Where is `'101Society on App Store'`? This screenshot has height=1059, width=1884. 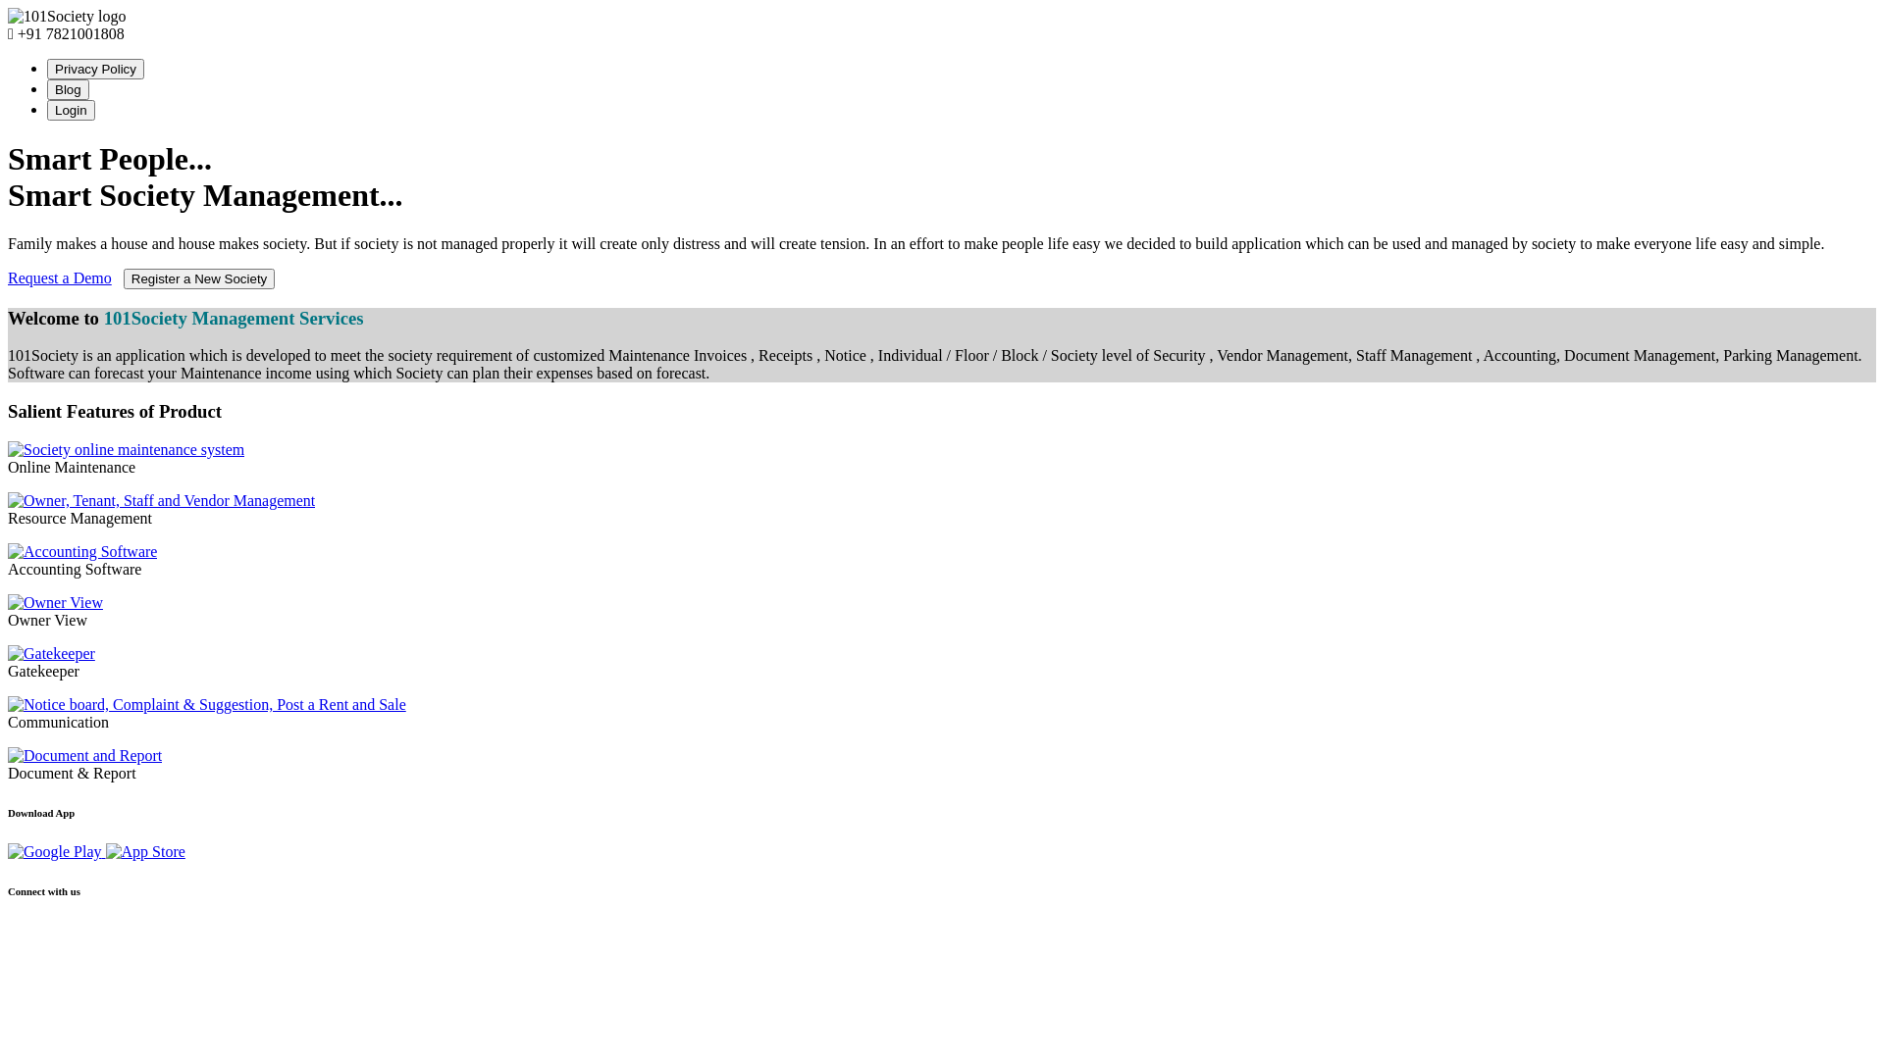
'101Society on App Store' is located at coordinates (144, 850).